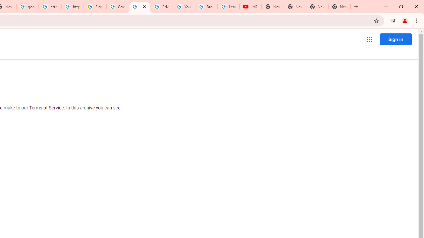 This screenshot has height=238, width=424. Describe the element at coordinates (50, 7) in the screenshot. I see `'https://scholar.google.com/'` at that location.